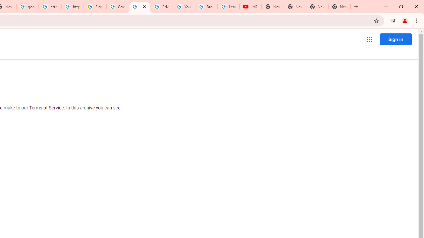 This screenshot has height=238, width=424. Describe the element at coordinates (50, 7) in the screenshot. I see `'https://scholar.google.com/'` at that location.